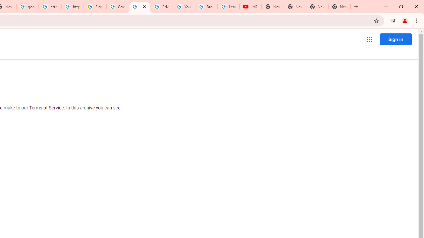 This screenshot has height=238, width=424. Describe the element at coordinates (50, 7) in the screenshot. I see `'https://scholar.google.com/'` at that location.